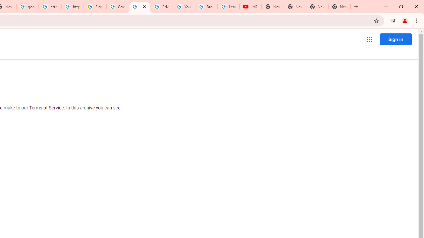 This screenshot has height=238, width=424. Describe the element at coordinates (50, 7) in the screenshot. I see `'https://scholar.google.com/'` at that location.